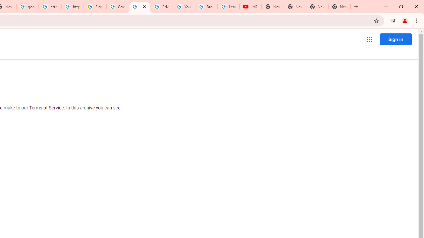 This screenshot has height=238, width=424. Describe the element at coordinates (50, 7) in the screenshot. I see `'https://scholar.google.com/'` at that location.